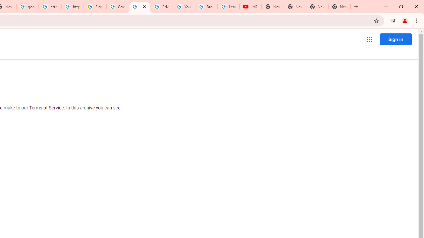 This screenshot has height=238, width=424. Describe the element at coordinates (50, 7) in the screenshot. I see `'https://scholar.google.com/'` at that location.